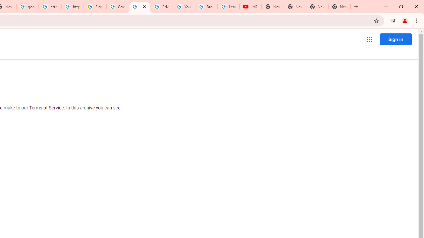 This screenshot has height=238, width=424. Describe the element at coordinates (50, 7) in the screenshot. I see `'https://scholar.google.com/'` at that location.